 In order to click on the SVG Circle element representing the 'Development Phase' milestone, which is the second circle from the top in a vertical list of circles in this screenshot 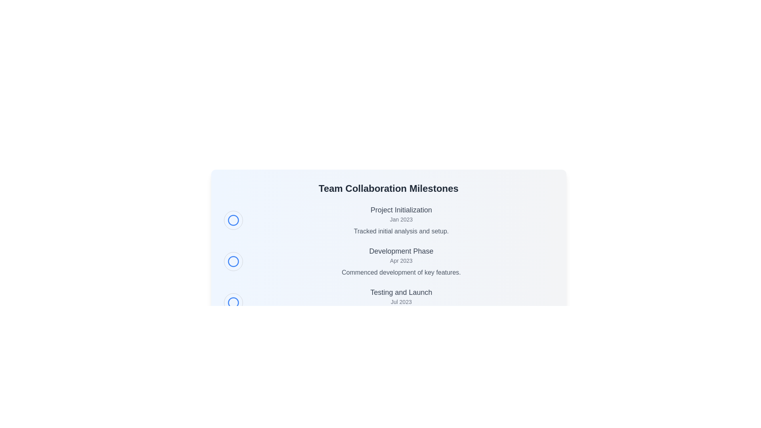, I will do `click(233, 261)`.